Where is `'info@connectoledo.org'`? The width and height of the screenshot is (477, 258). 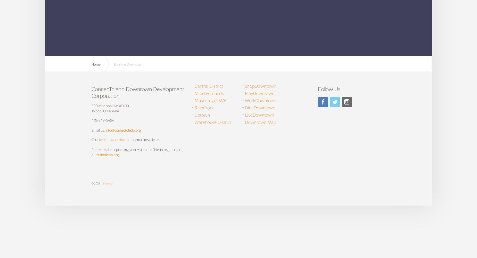 'info@connectoledo.org' is located at coordinates (123, 130).